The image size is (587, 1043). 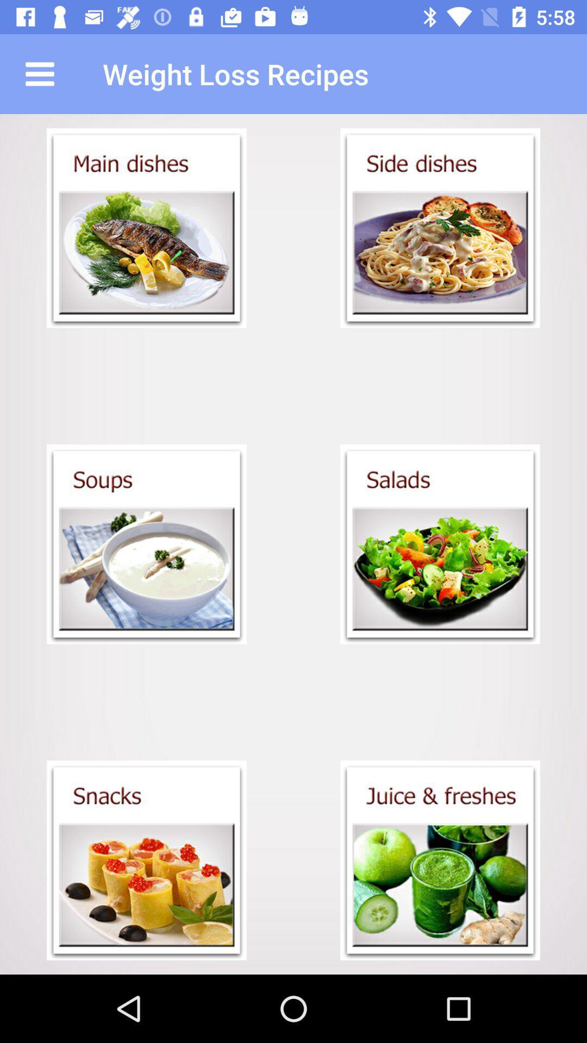 What do you see at coordinates (147, 860) in the screenshot?
I see `open snacks` at bounding box center [147, 860].